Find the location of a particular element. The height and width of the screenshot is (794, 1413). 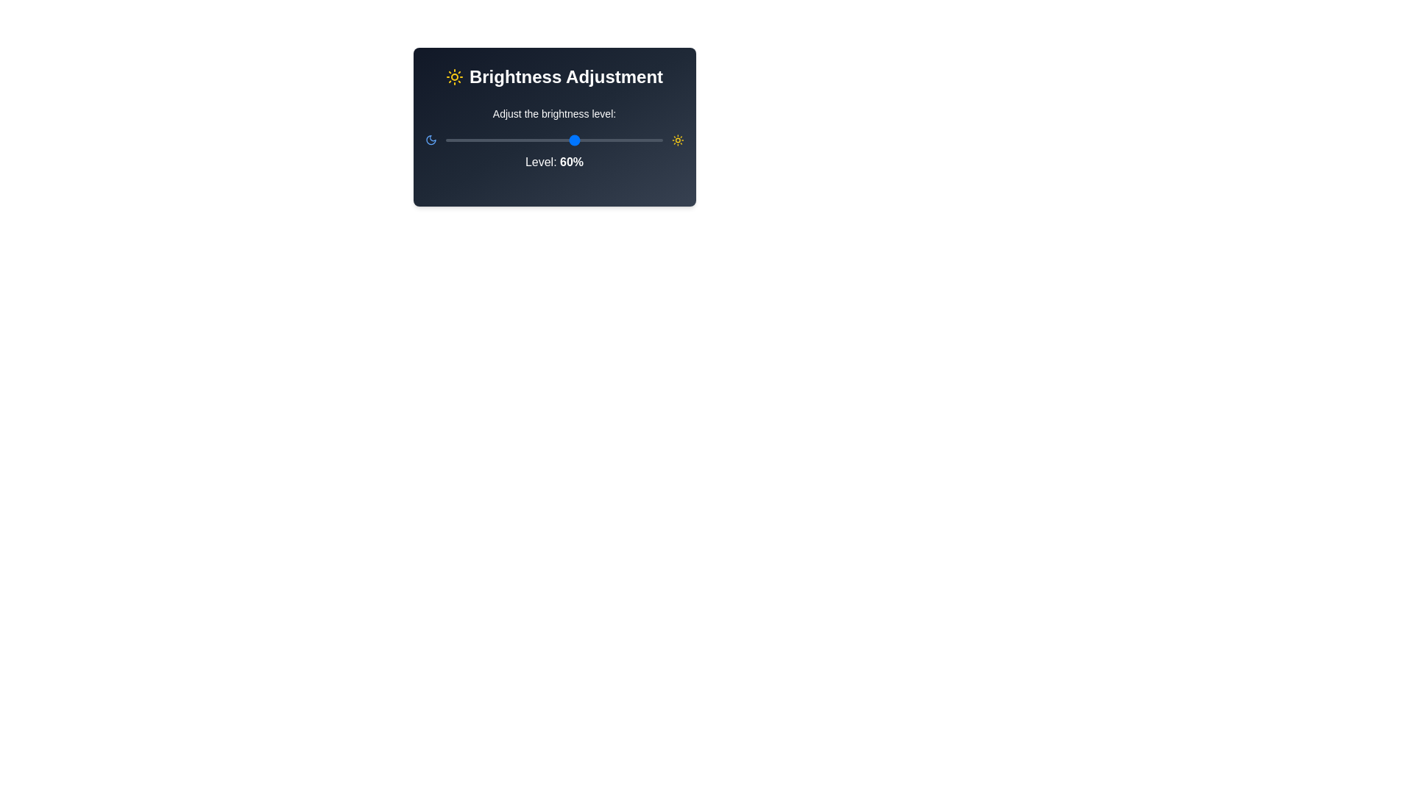

the horizontal slider bar with a red track and blue movable selector is located at coordinates (553, 140).